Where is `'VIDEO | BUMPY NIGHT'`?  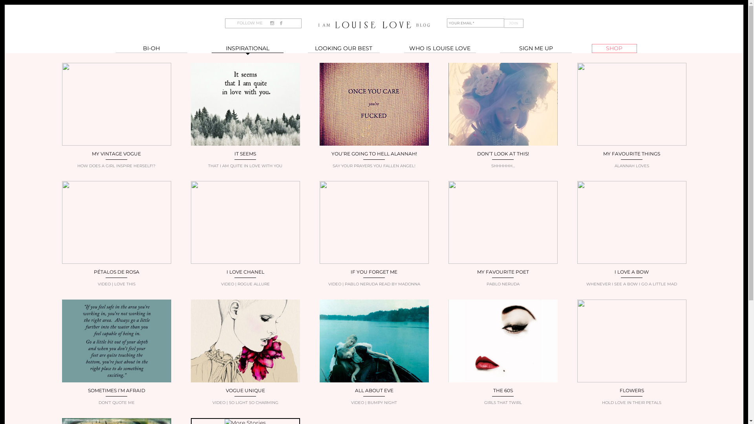 'VIDEO | BUMPY NIGHT' is located at coordinates (374, 402).